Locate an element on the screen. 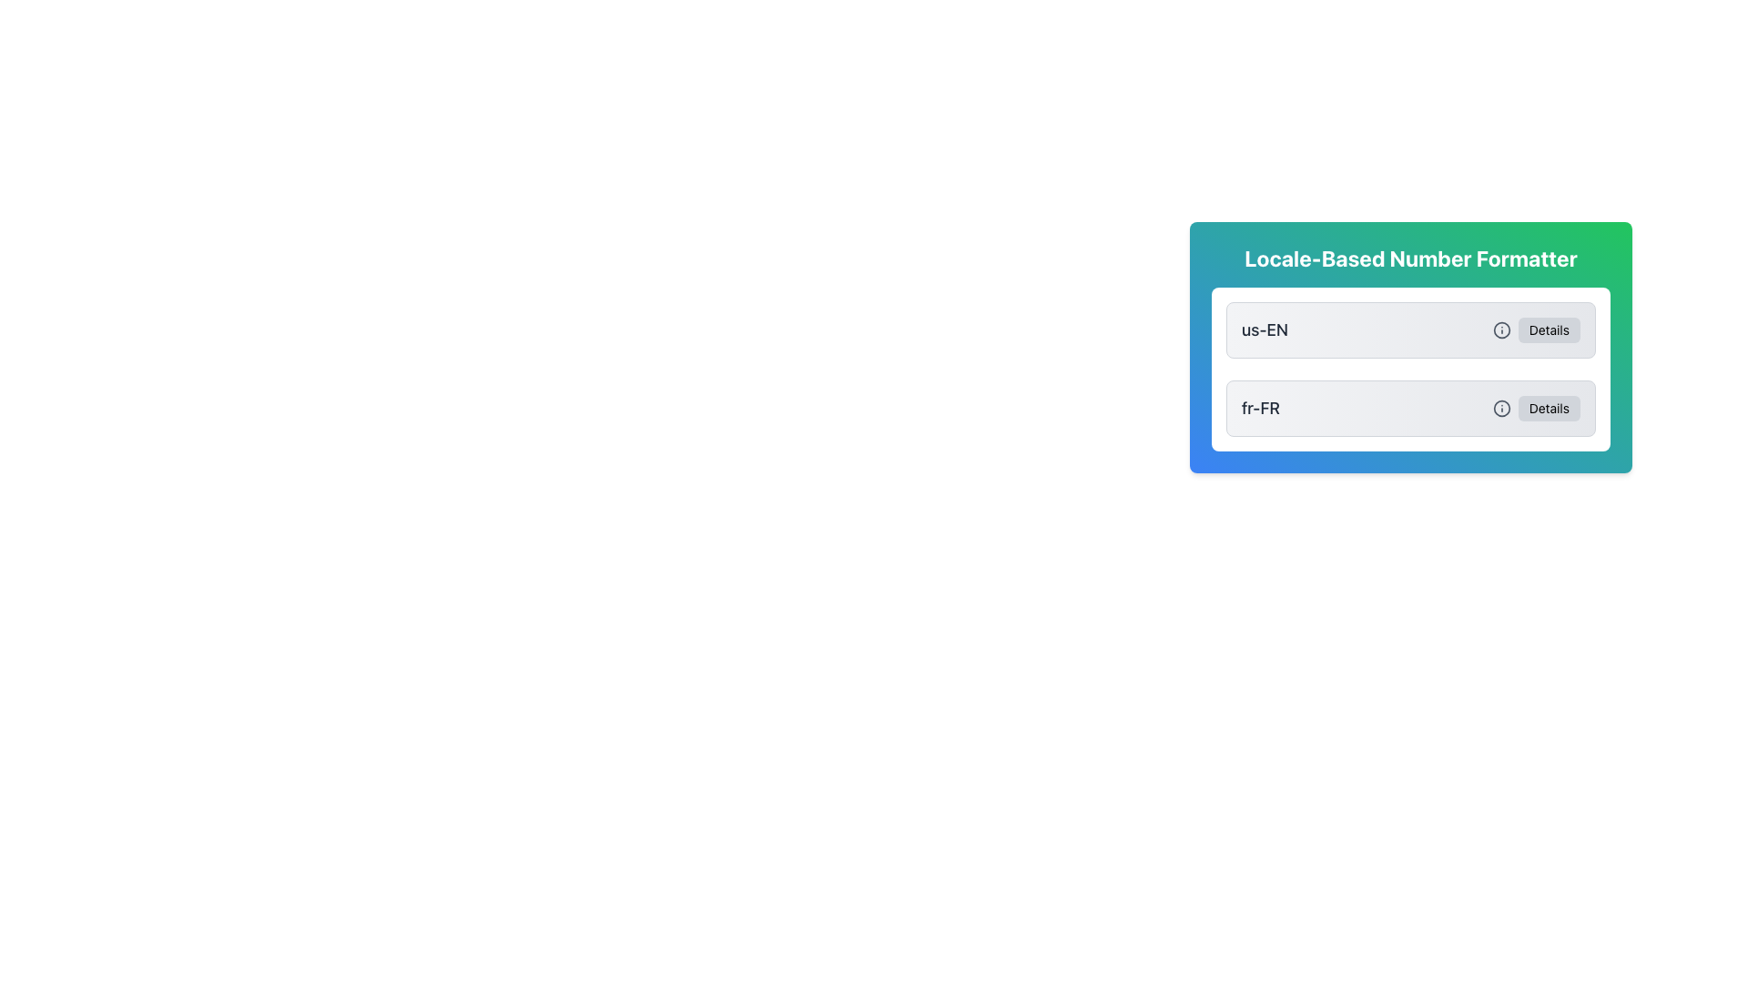 The image size is (1748, 983). the 'Details' button with a rounded light gray background located next to the information icon is located at coordinates (1534, 407).